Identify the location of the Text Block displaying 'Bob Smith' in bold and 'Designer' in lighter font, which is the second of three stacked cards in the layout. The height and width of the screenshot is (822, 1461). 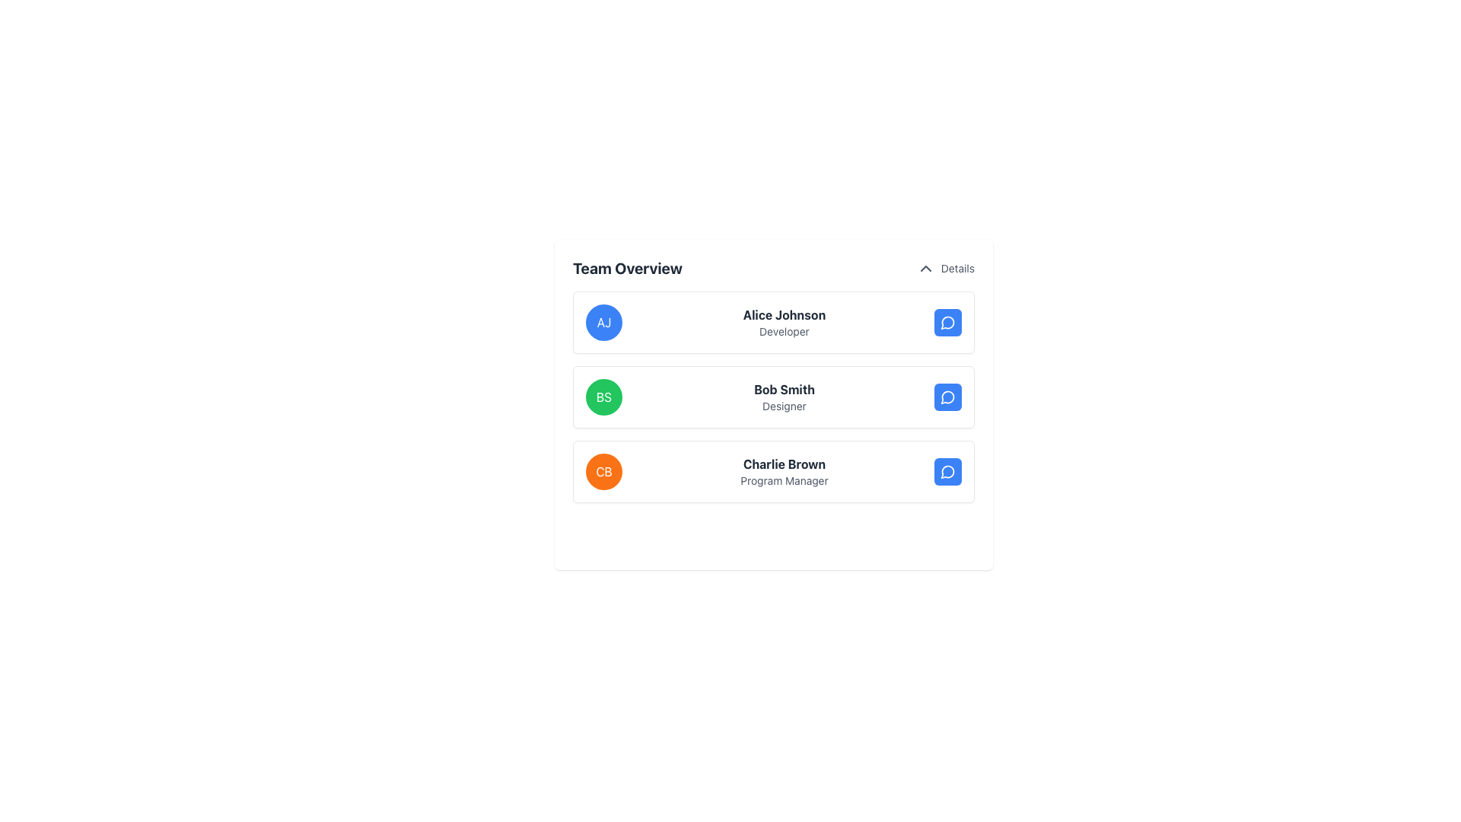
(785, 396).